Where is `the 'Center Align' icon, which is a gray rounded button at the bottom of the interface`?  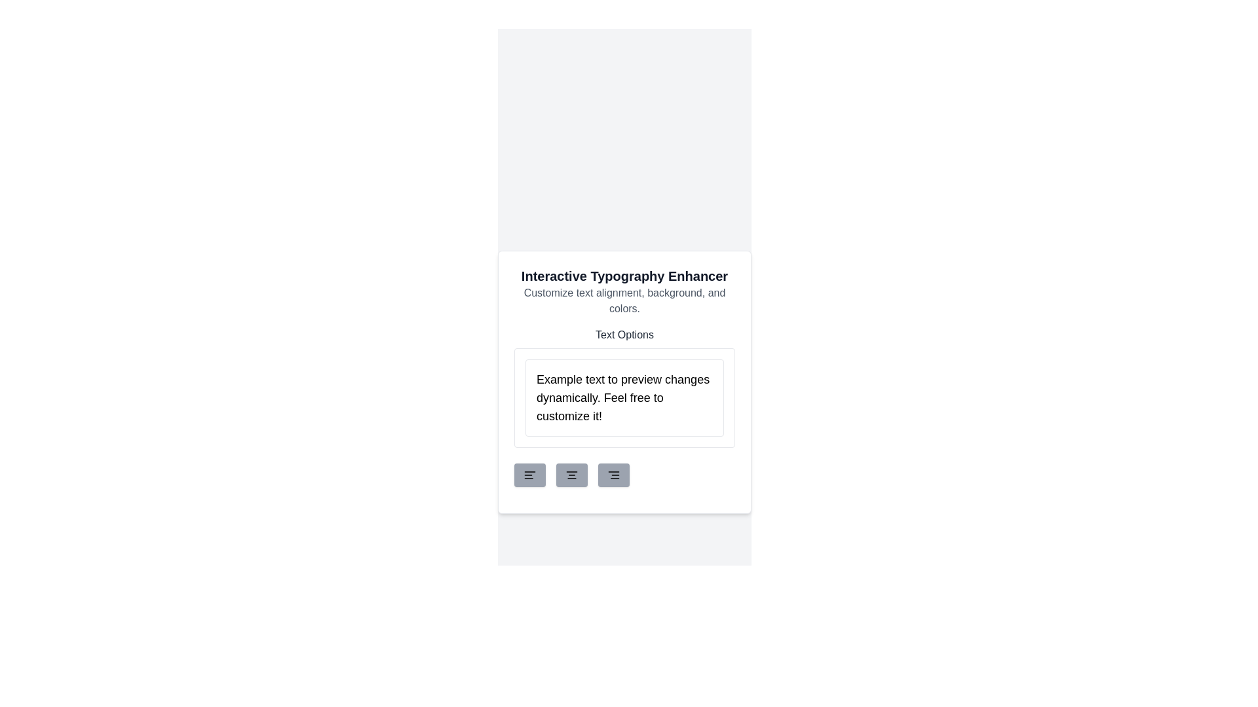 the 'Center Align' icon, which is a gray rounded button at the bottom of the interface is located at coordinates (572, 475).